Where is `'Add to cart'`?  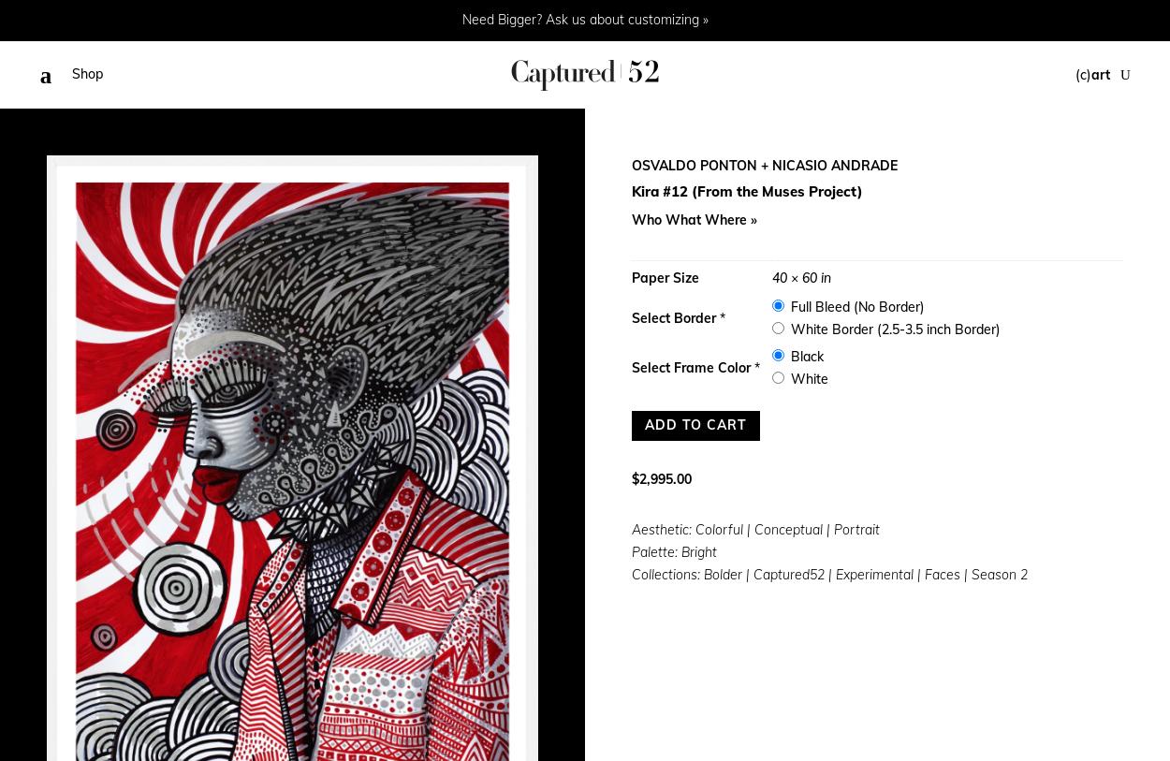 'Add to cart' is located at coordinates (695, 424).